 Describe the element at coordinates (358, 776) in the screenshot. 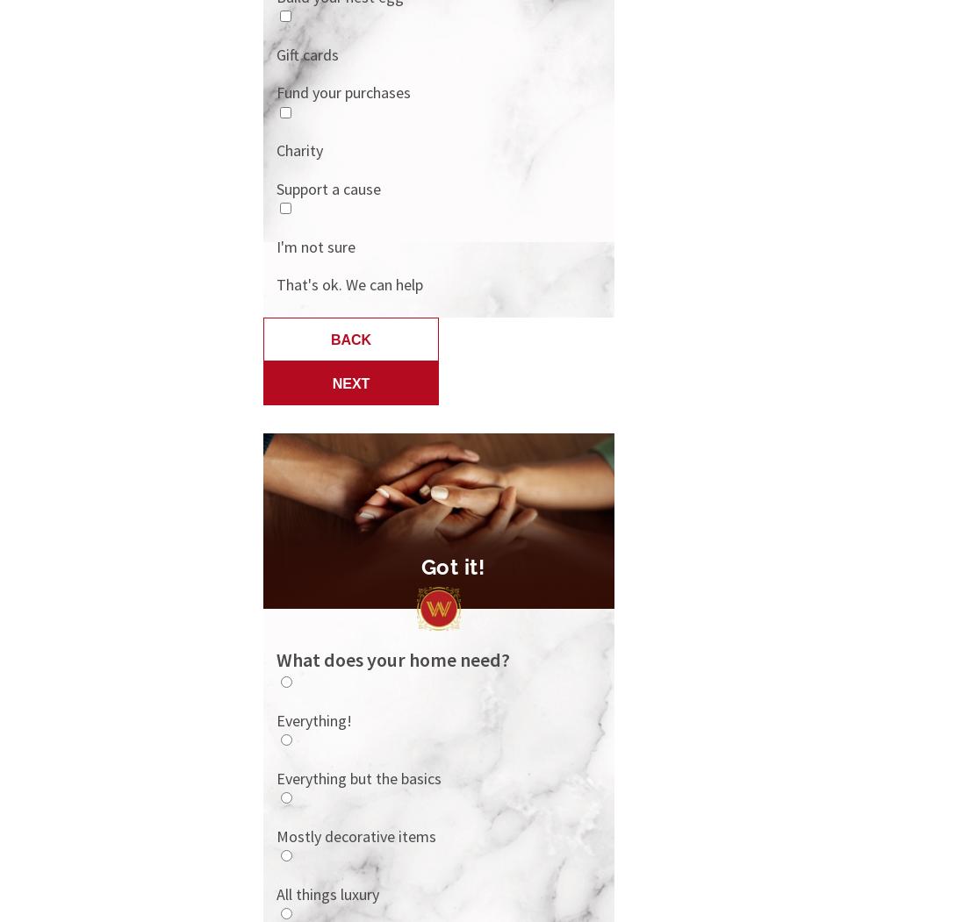

I see `'Everything but the basics'` at that location.